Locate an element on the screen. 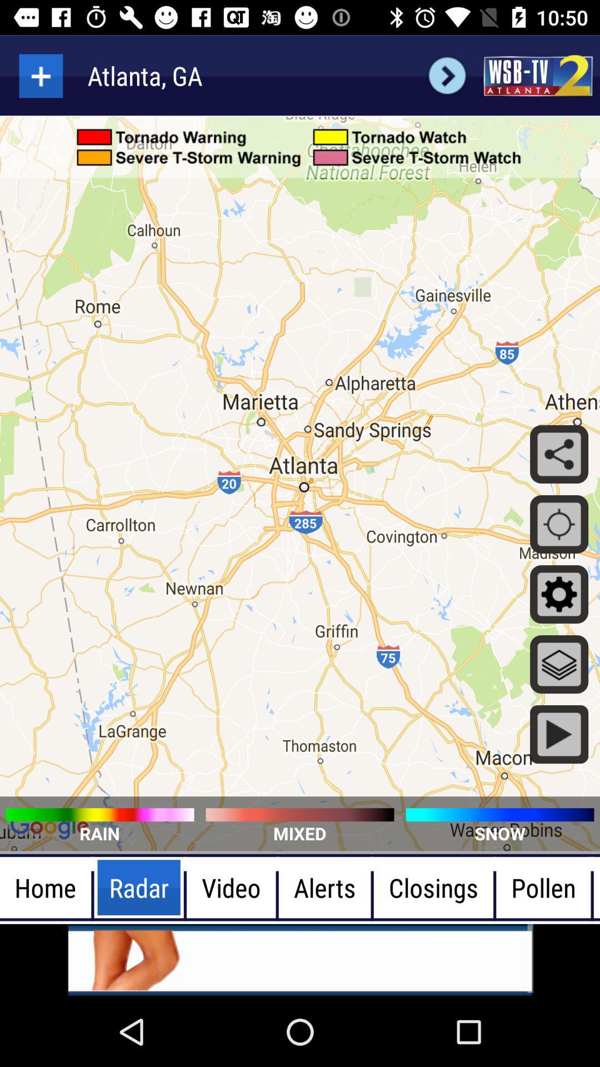 The image size is (600, 1067). go home is located at coordinates (537, 75).